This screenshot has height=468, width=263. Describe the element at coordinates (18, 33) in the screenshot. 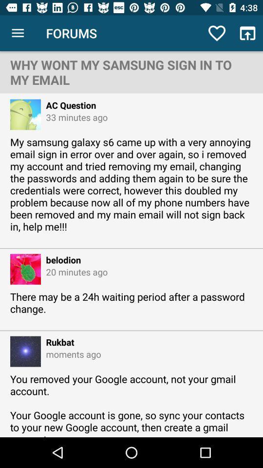

I see `the icon next to forums item` at that location.